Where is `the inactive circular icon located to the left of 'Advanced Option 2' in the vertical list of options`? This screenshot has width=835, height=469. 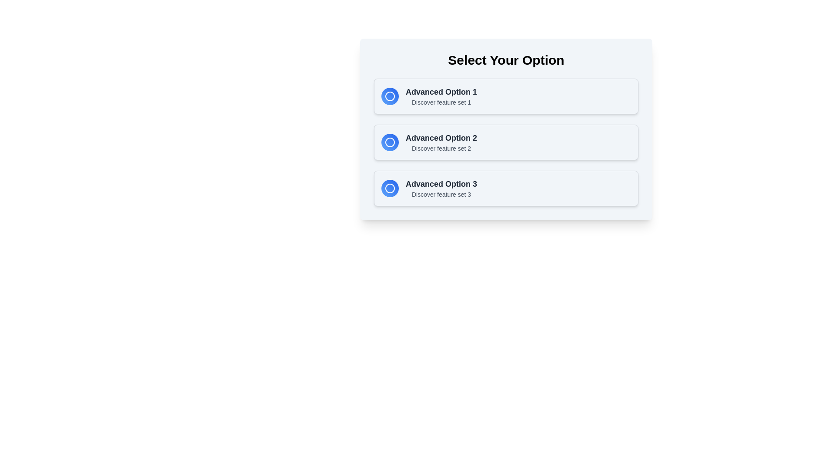 the inactive circular icon located to the left of 'Advanced Option 2' in the vertical list of options is located at coordinates (390, 142).